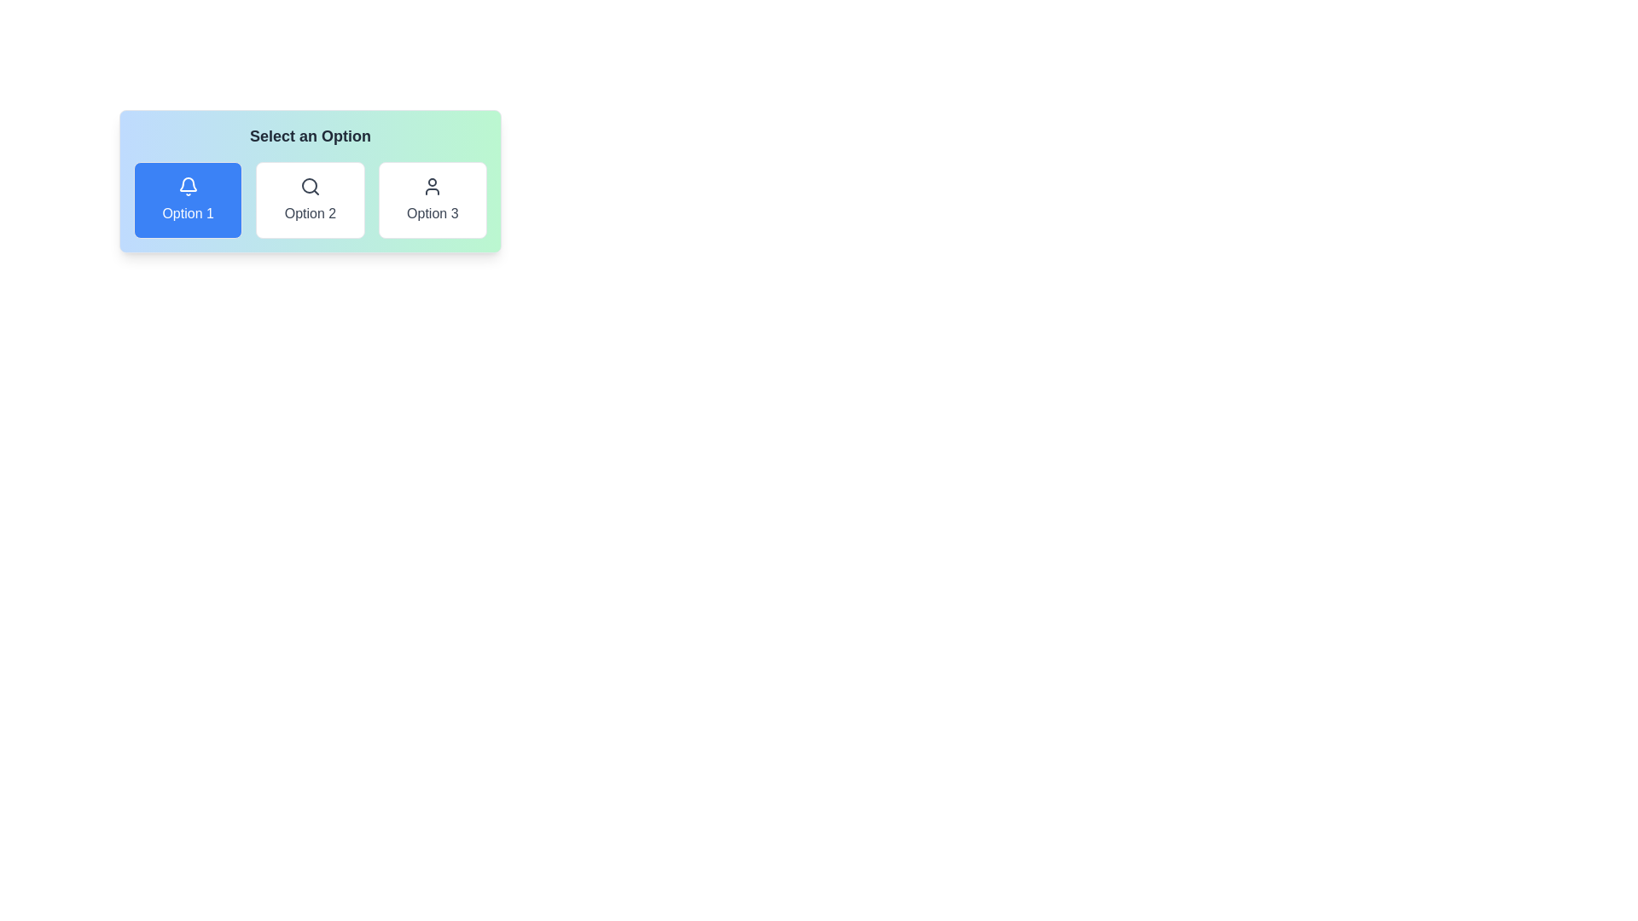  Describe the element at coordinates (188, 212) in the screenshot. I see `the text label reading 'Option 1' in white font color, which is located within the leftmost blue rectangular button of a group of three buttons under the 'Select an Option' header` at that location.